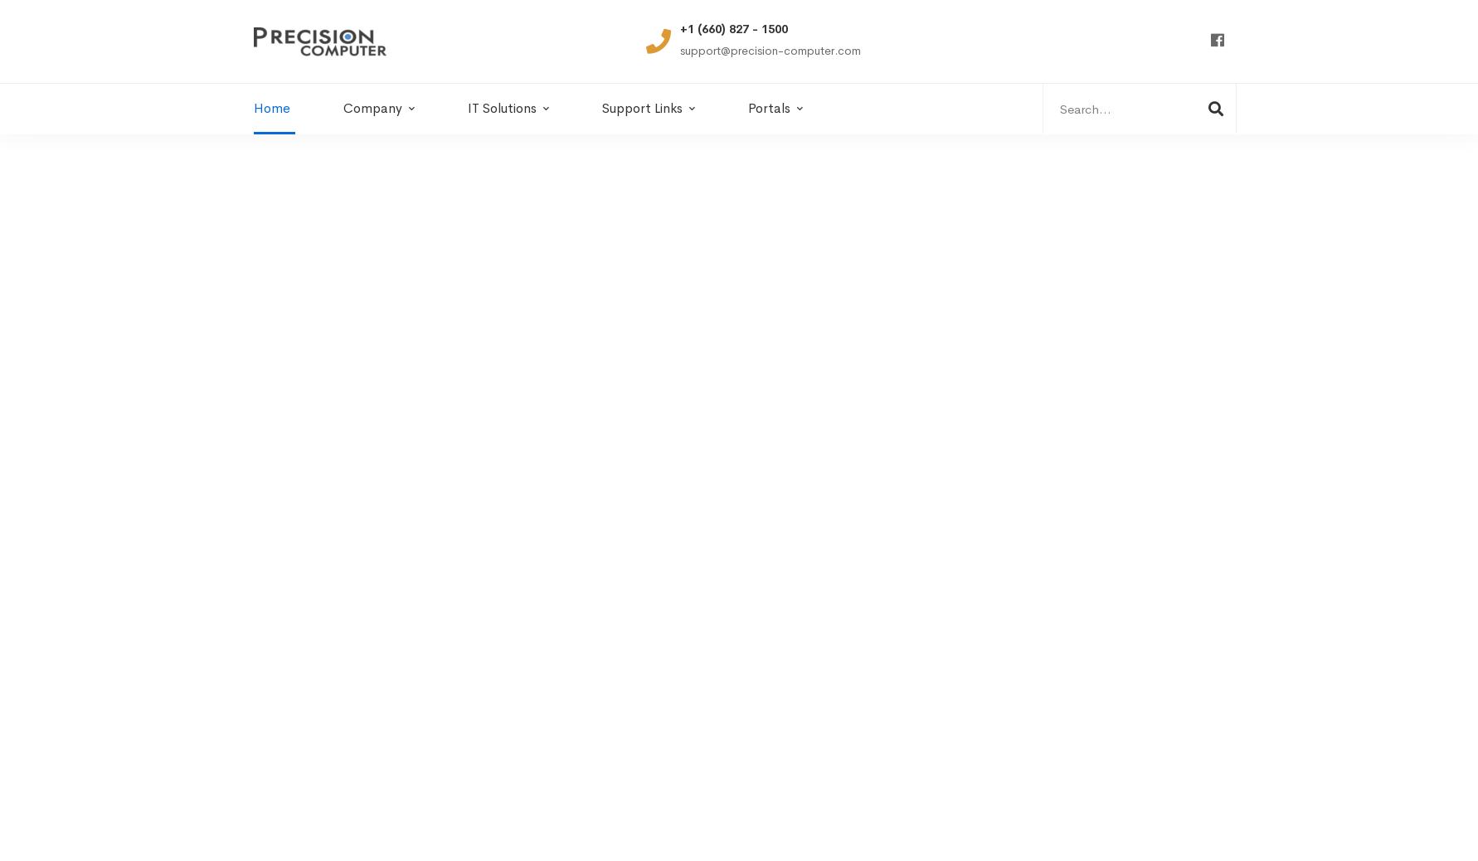 The height and width of the screenshot is (861, 1478). I want to click on 'dedicated', so click(325, 654).